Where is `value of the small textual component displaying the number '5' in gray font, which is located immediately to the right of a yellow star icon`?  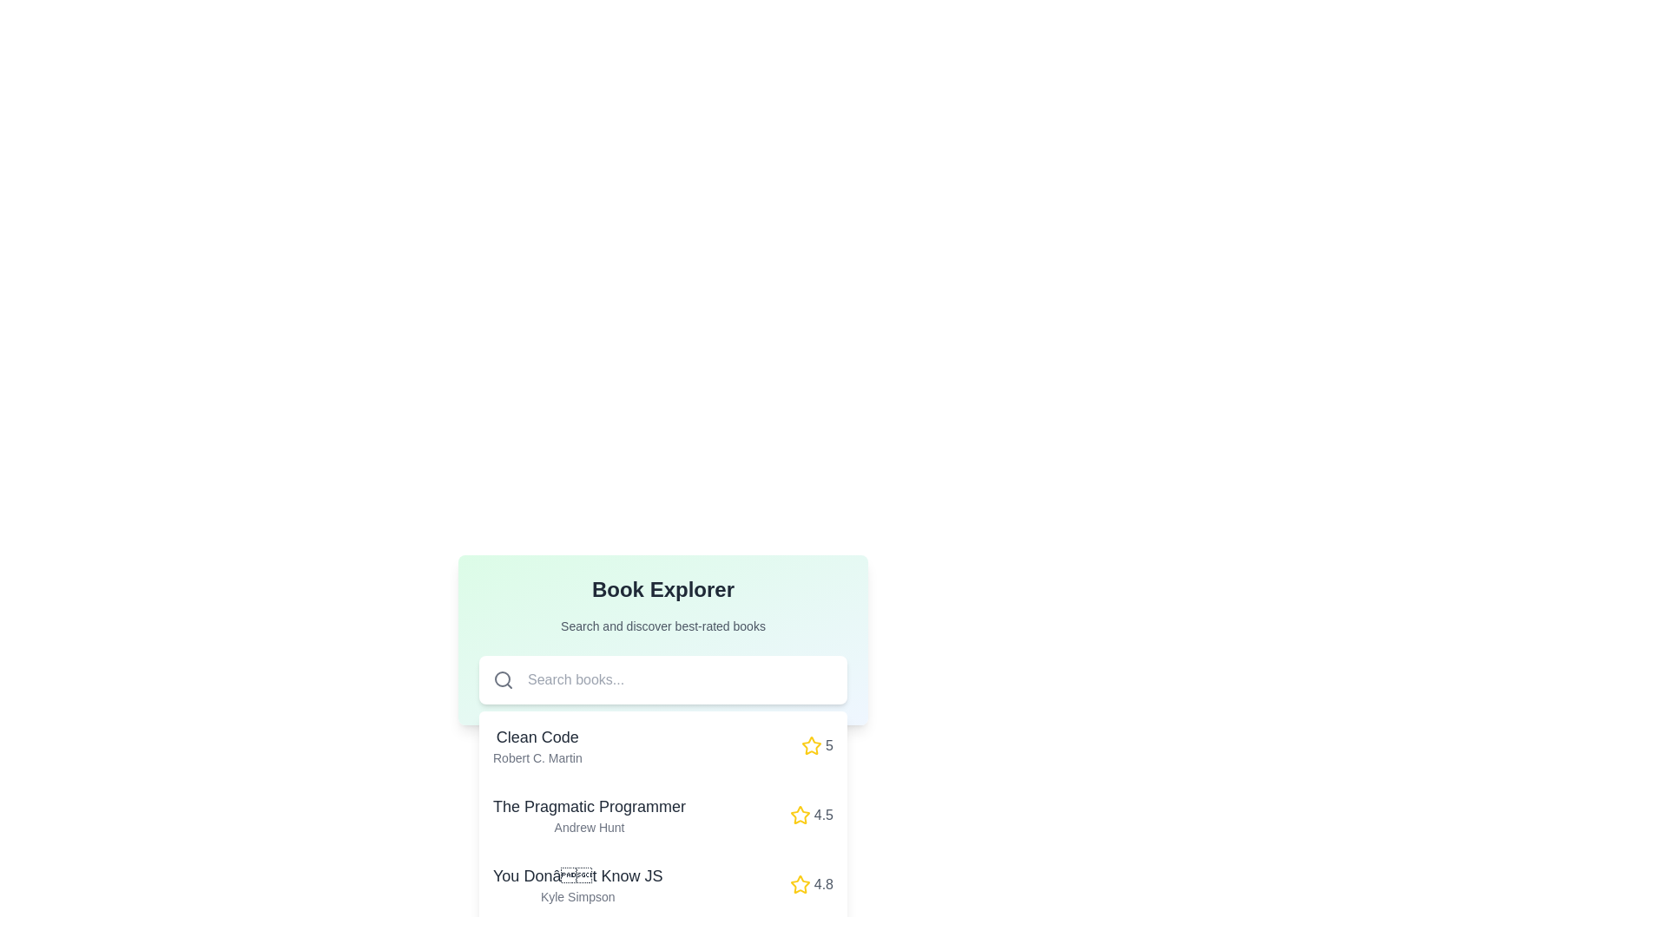
value of the small textual component displaying the number '5' in gray font, which is located immediately to the right of a yellow star icon is located at coordinates (828, 745).